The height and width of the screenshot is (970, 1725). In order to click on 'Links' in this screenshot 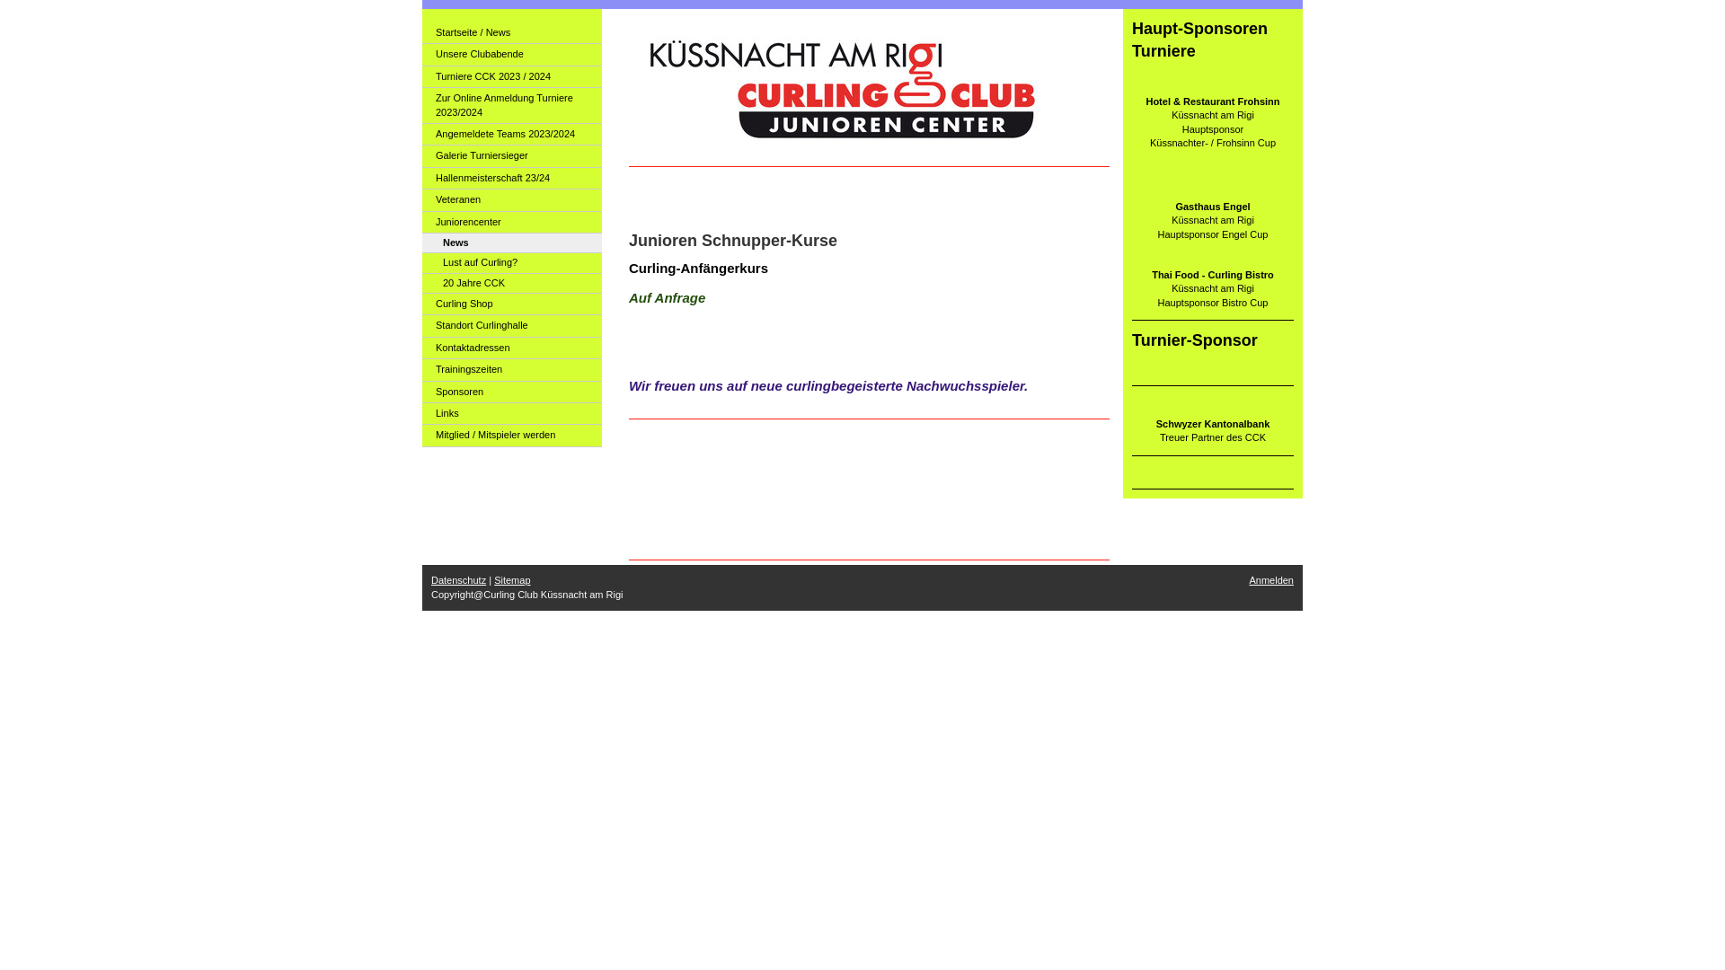, I will do `click(421, 414)`.